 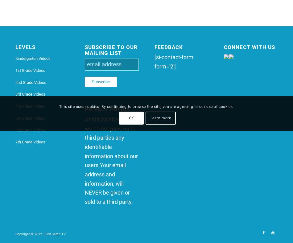 I want to click on 'Feedback', so click(x=154, y=47).